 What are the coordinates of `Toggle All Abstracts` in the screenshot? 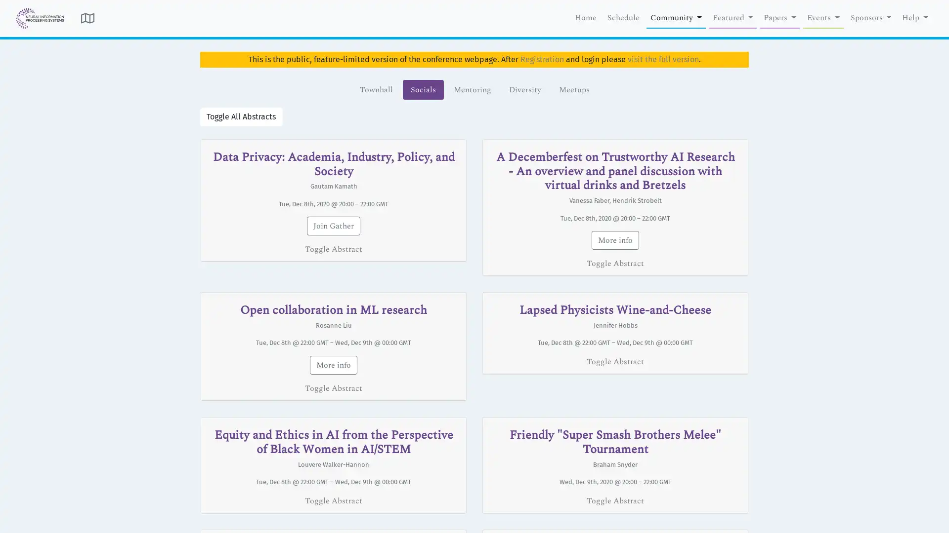 It's located at (241, 115).